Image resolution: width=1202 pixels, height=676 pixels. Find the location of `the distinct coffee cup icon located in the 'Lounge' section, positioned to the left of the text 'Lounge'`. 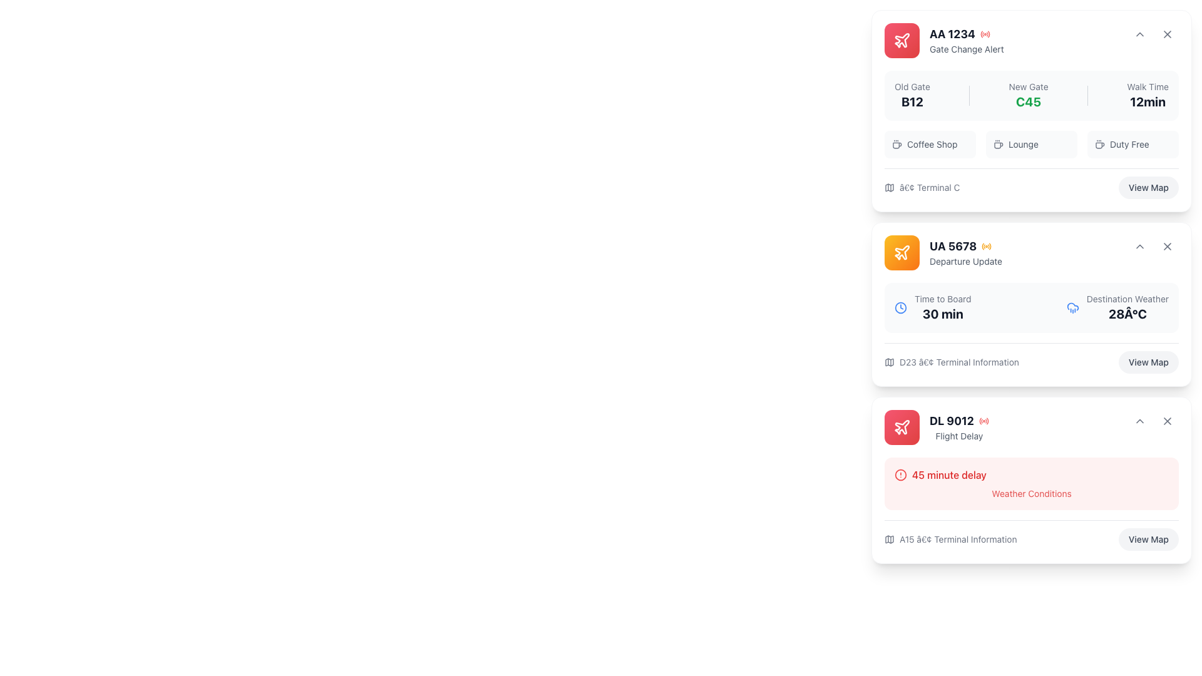

the distinct coffee cup icon located in the 'Lounge' section, positioned to the left of the text 'Lounge' is located at coordinates (997, 144).